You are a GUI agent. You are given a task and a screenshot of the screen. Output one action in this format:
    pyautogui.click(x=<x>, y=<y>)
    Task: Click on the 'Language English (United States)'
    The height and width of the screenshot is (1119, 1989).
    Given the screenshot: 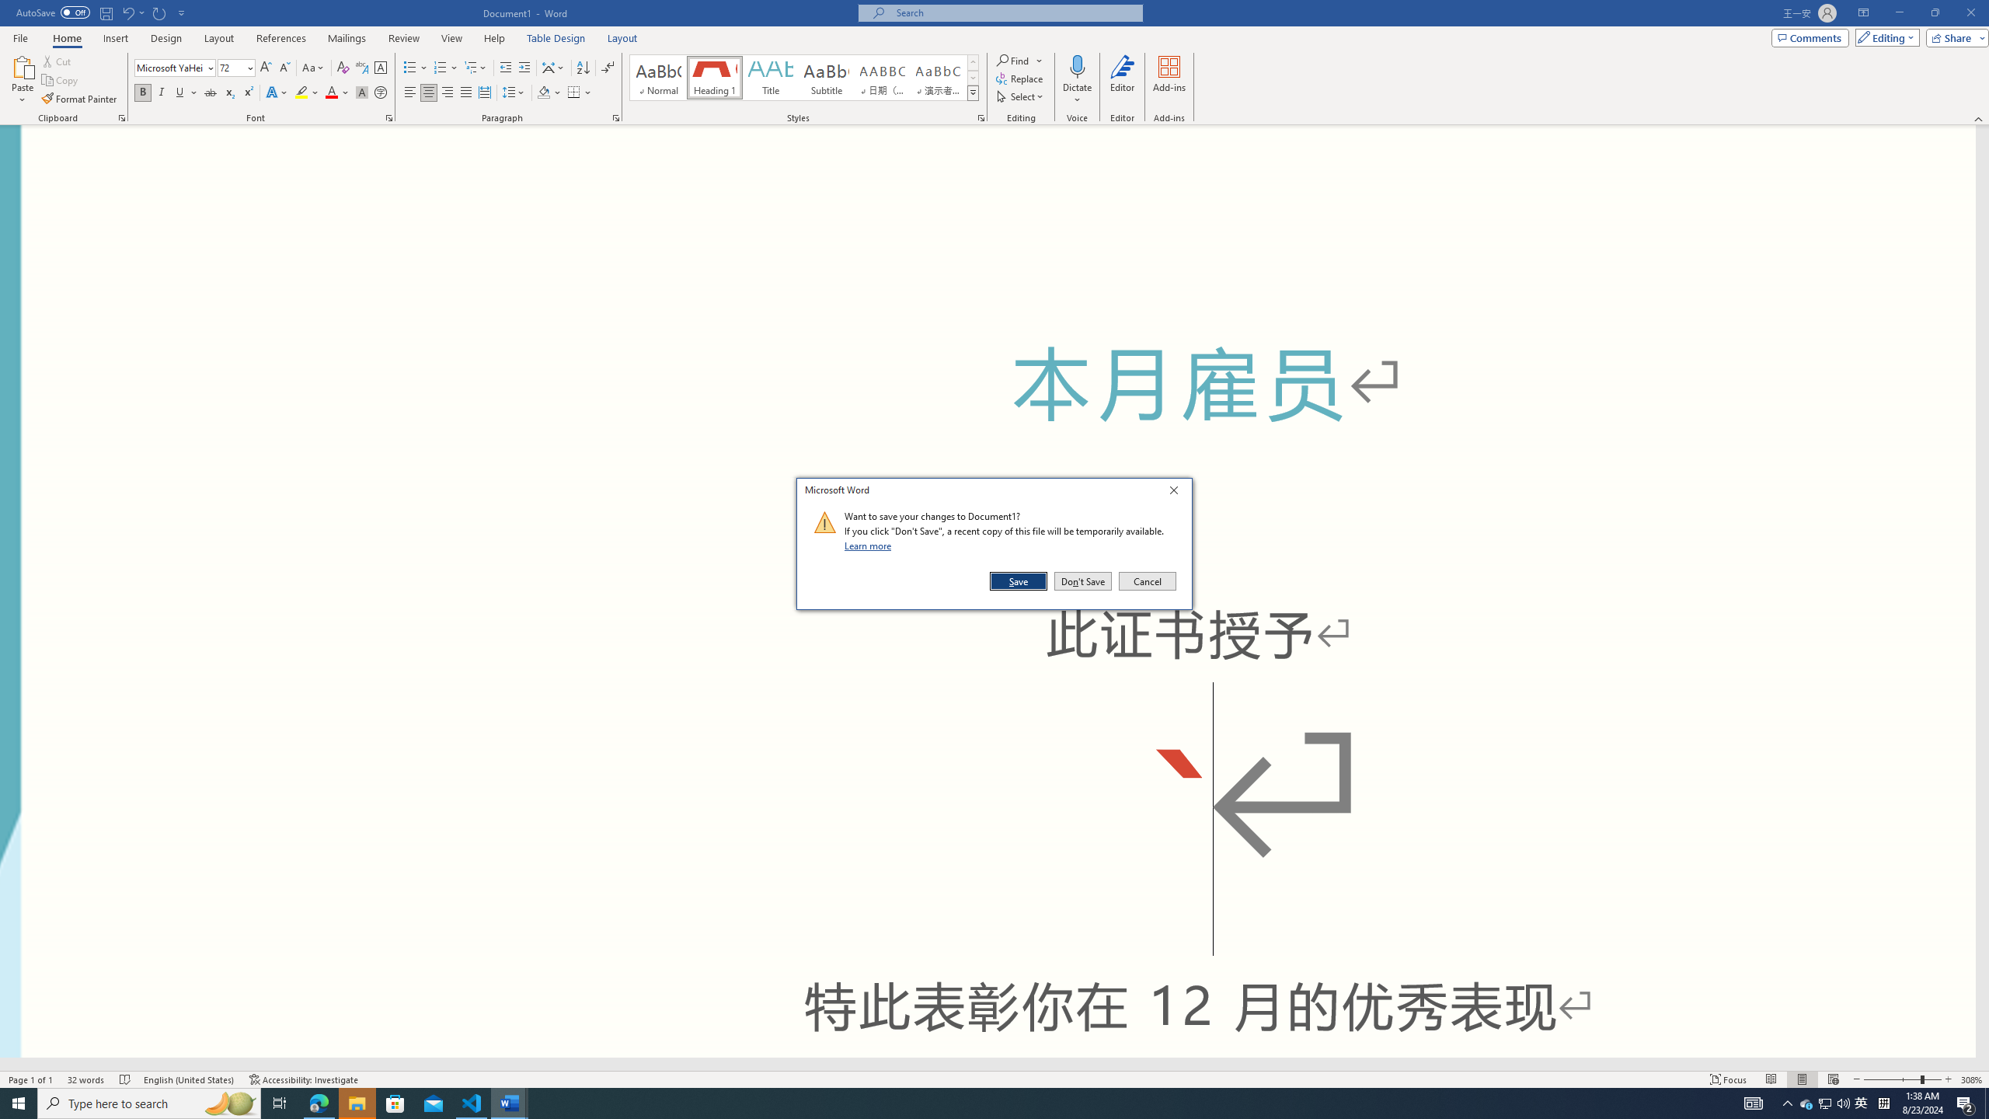 What is the action you would take?
    pyautogui.click(x=190, y=1079)
    